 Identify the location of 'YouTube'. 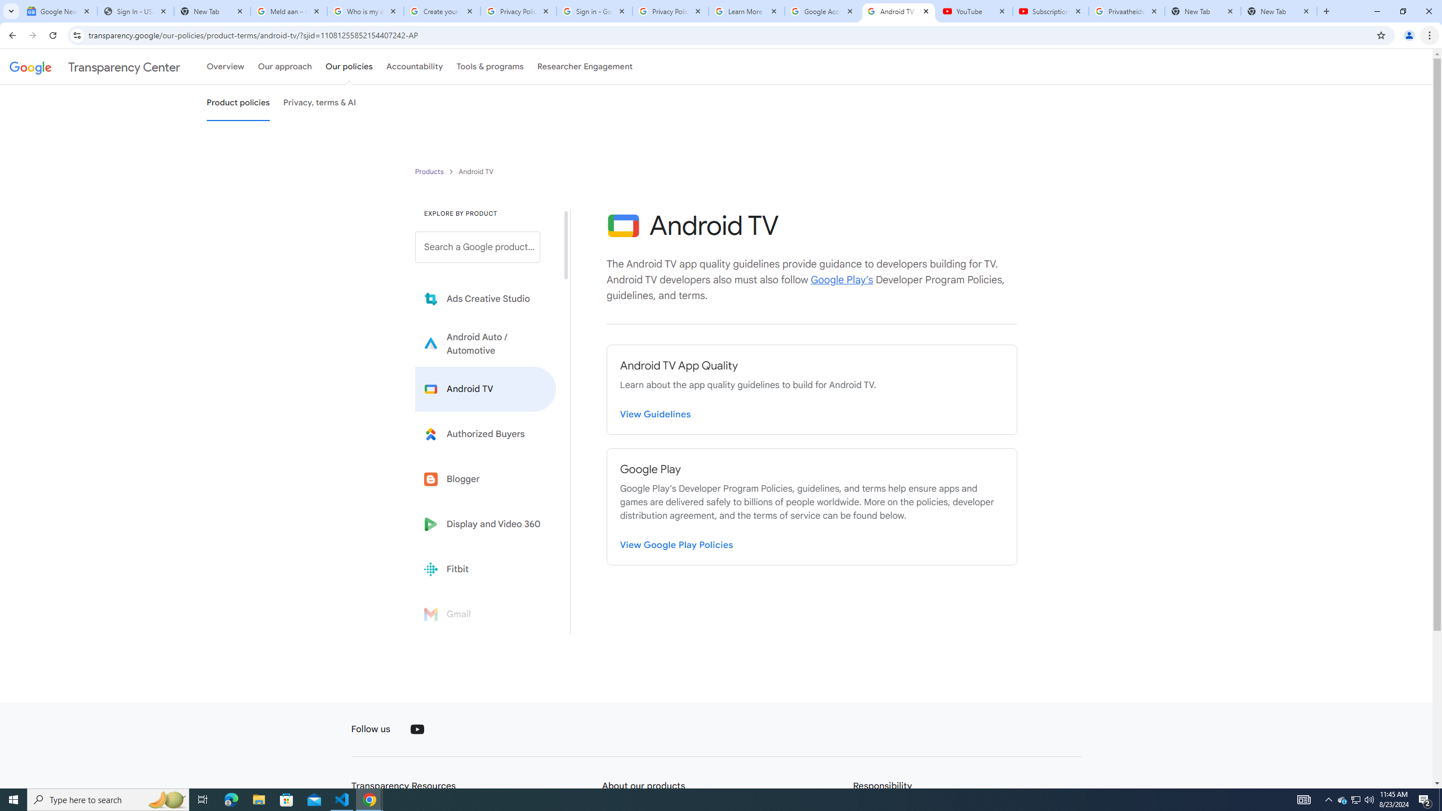
(417, 729).